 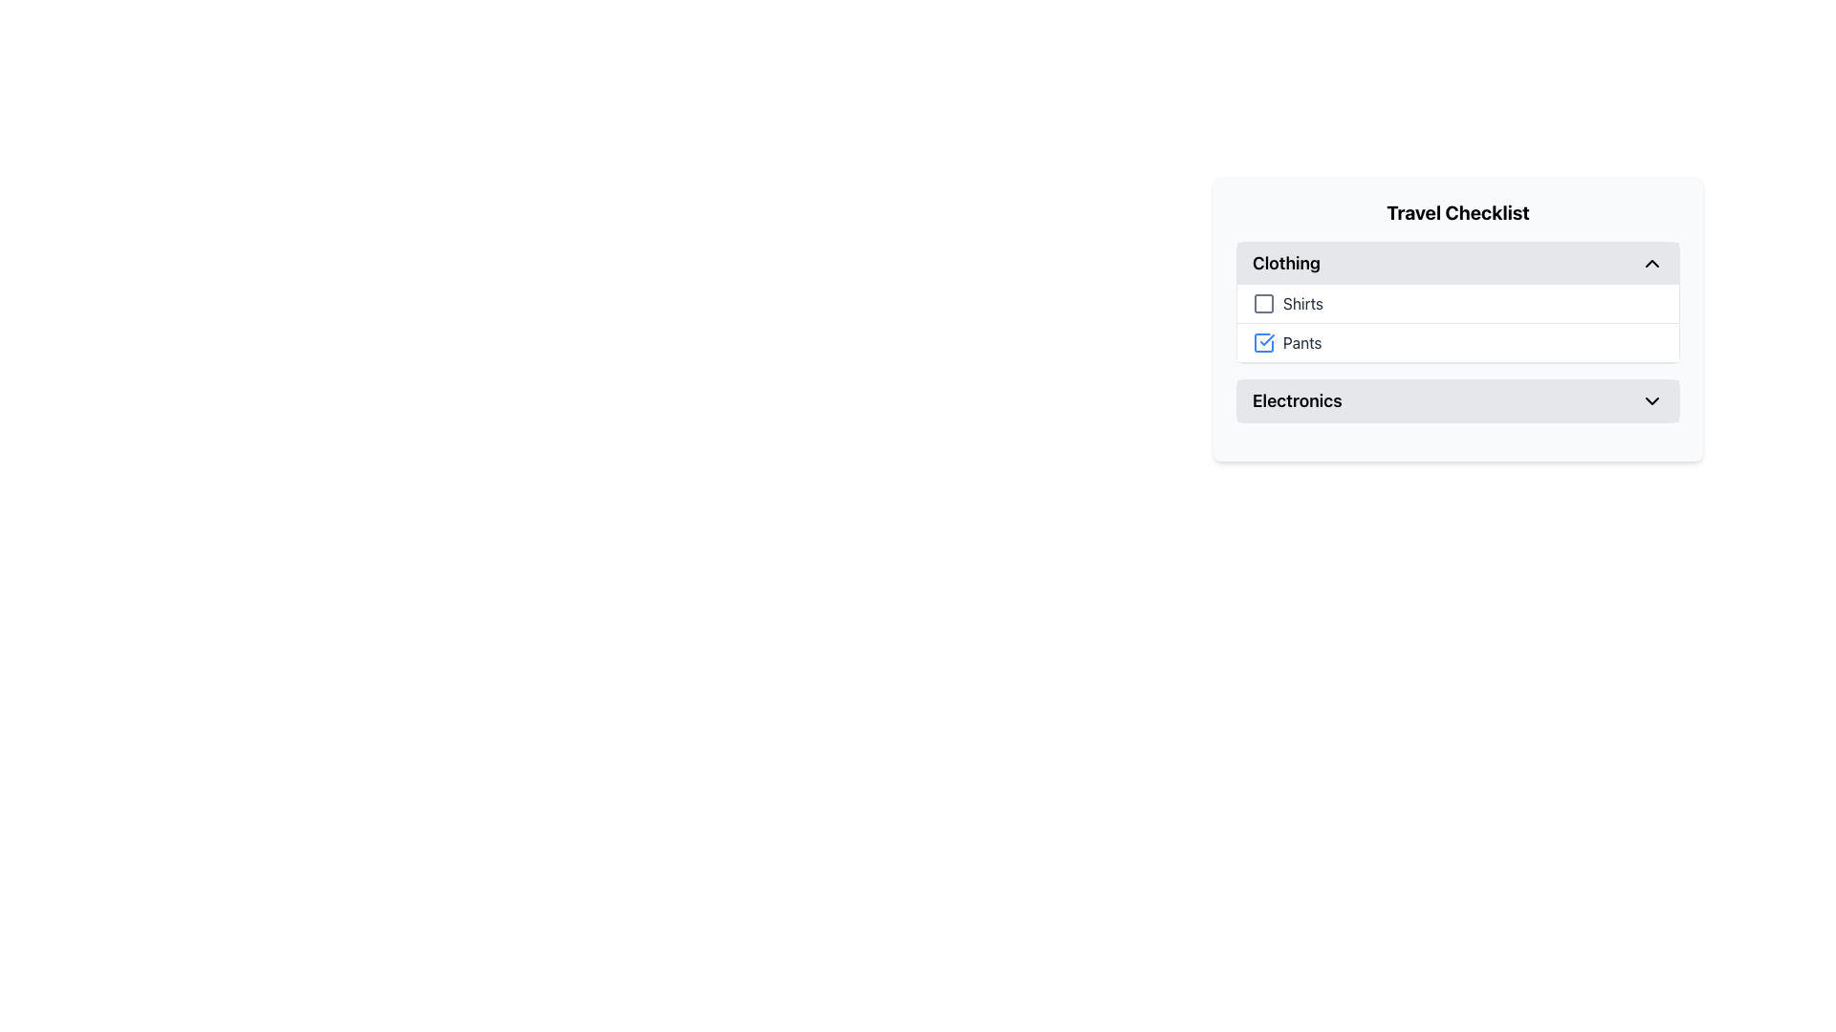 What do you see at coordinates (1263, 341) in the screenshot?
I see `the checkbox` at bounding box center [1263, 341].